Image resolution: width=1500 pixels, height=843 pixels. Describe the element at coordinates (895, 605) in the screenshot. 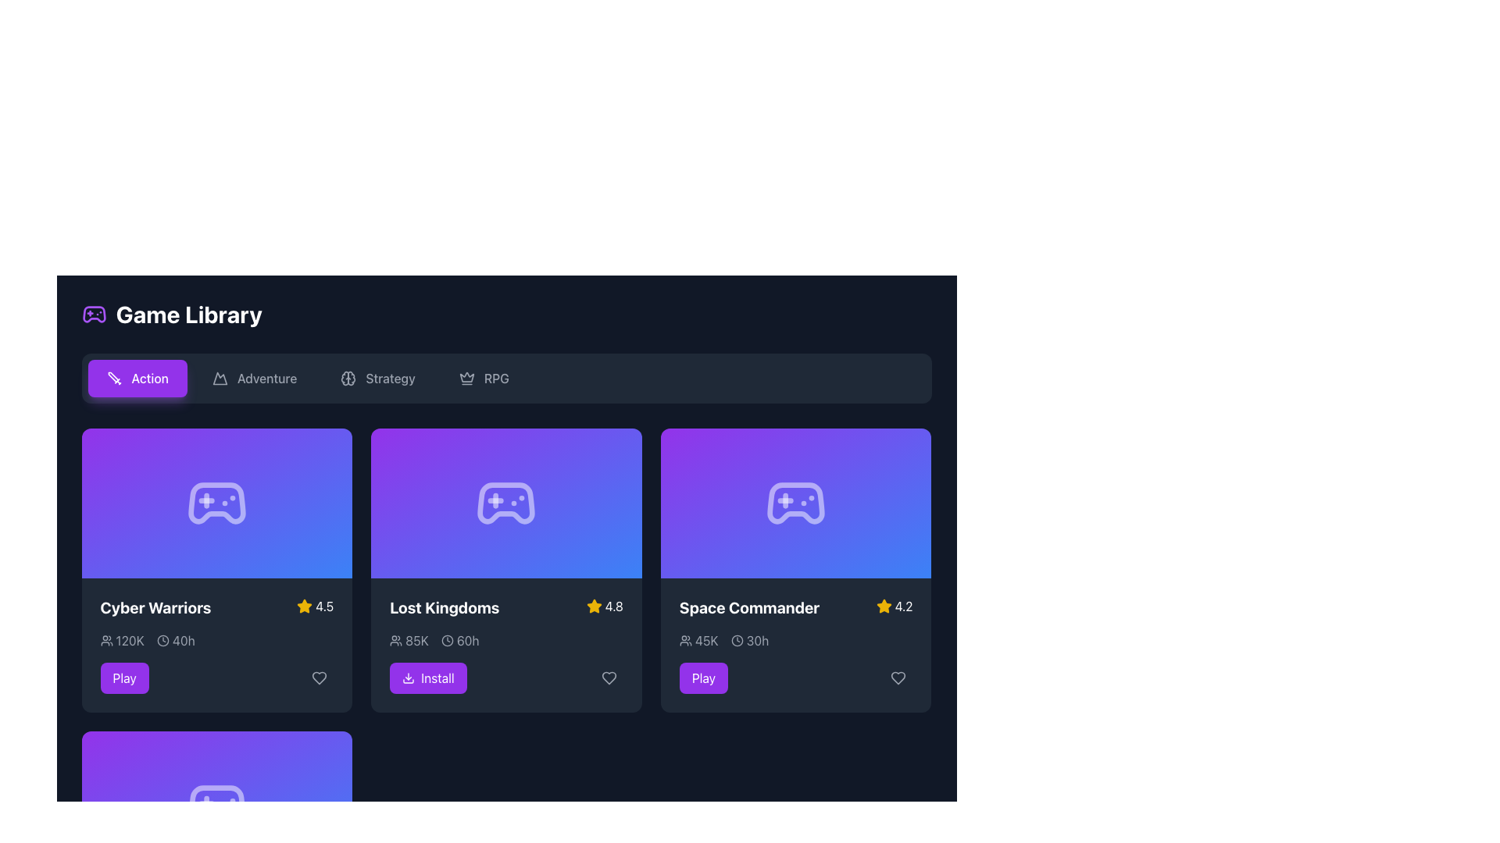

I see `the Rating component displaying '4.2' with a yellow star icon, located in the 'Space Commander' section, towards the top-right corner adjacent to its title` at that location.